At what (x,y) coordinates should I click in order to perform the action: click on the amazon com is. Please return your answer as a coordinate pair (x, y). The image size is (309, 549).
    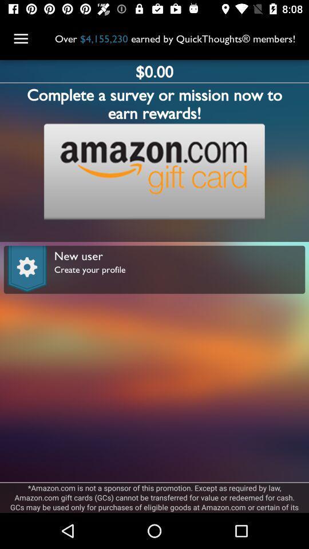
    Looking at the image, I should click on (154, 497).